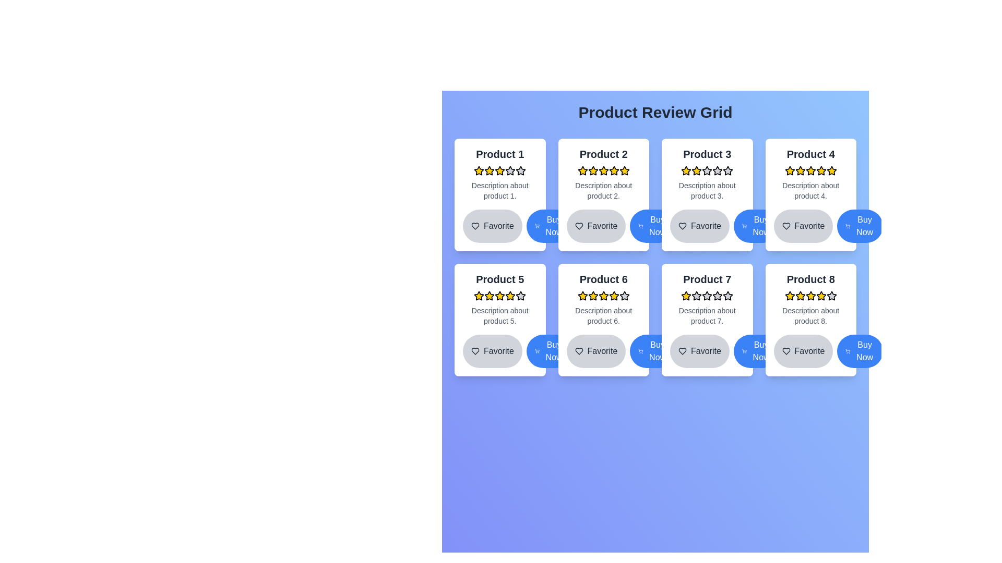 This screenshot has height=563, width=1002. I want to click on the third yellow star icon, so click(614, 170).